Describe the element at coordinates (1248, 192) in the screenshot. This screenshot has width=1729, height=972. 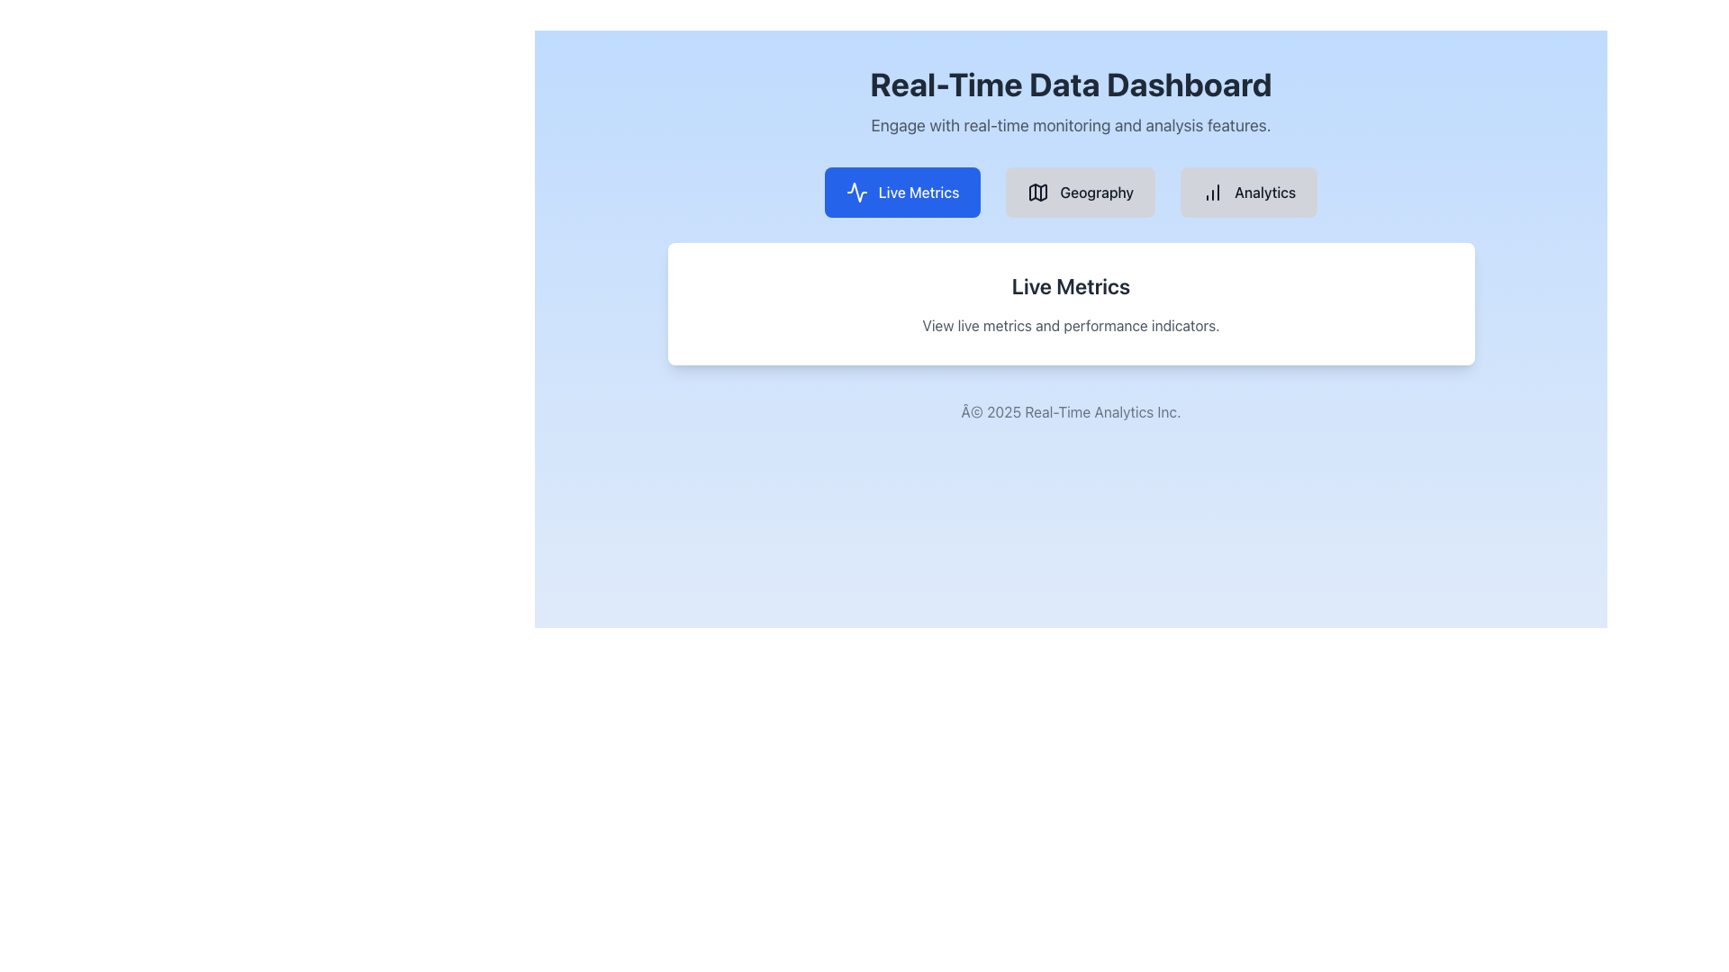
I see `the button labeled 'Analytics' with a gray background and bar chart icon` at that location.